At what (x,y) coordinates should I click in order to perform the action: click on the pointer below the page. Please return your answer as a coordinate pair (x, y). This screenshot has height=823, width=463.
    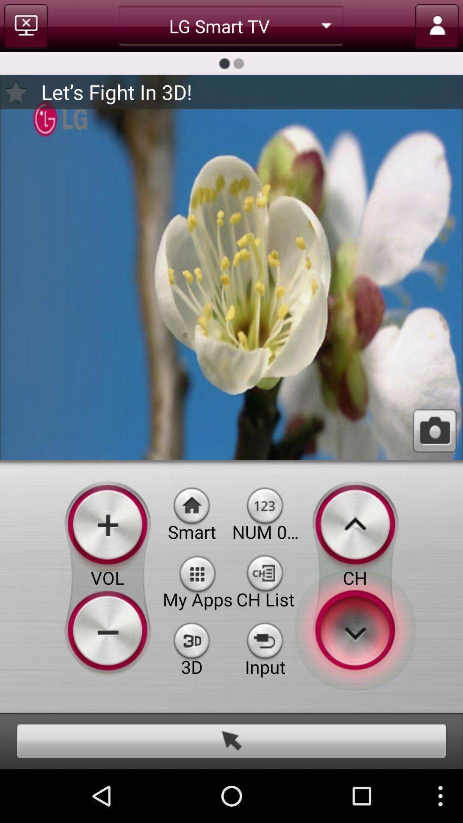
    Looking at the image, I should click on (231, 740).